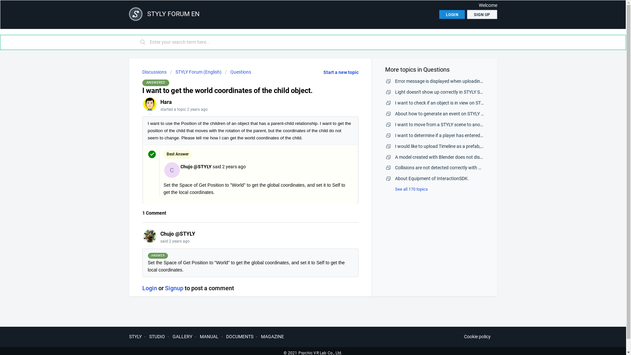  I want to click on 'About Equipment of InteractionSDK.', so click(432, 178).